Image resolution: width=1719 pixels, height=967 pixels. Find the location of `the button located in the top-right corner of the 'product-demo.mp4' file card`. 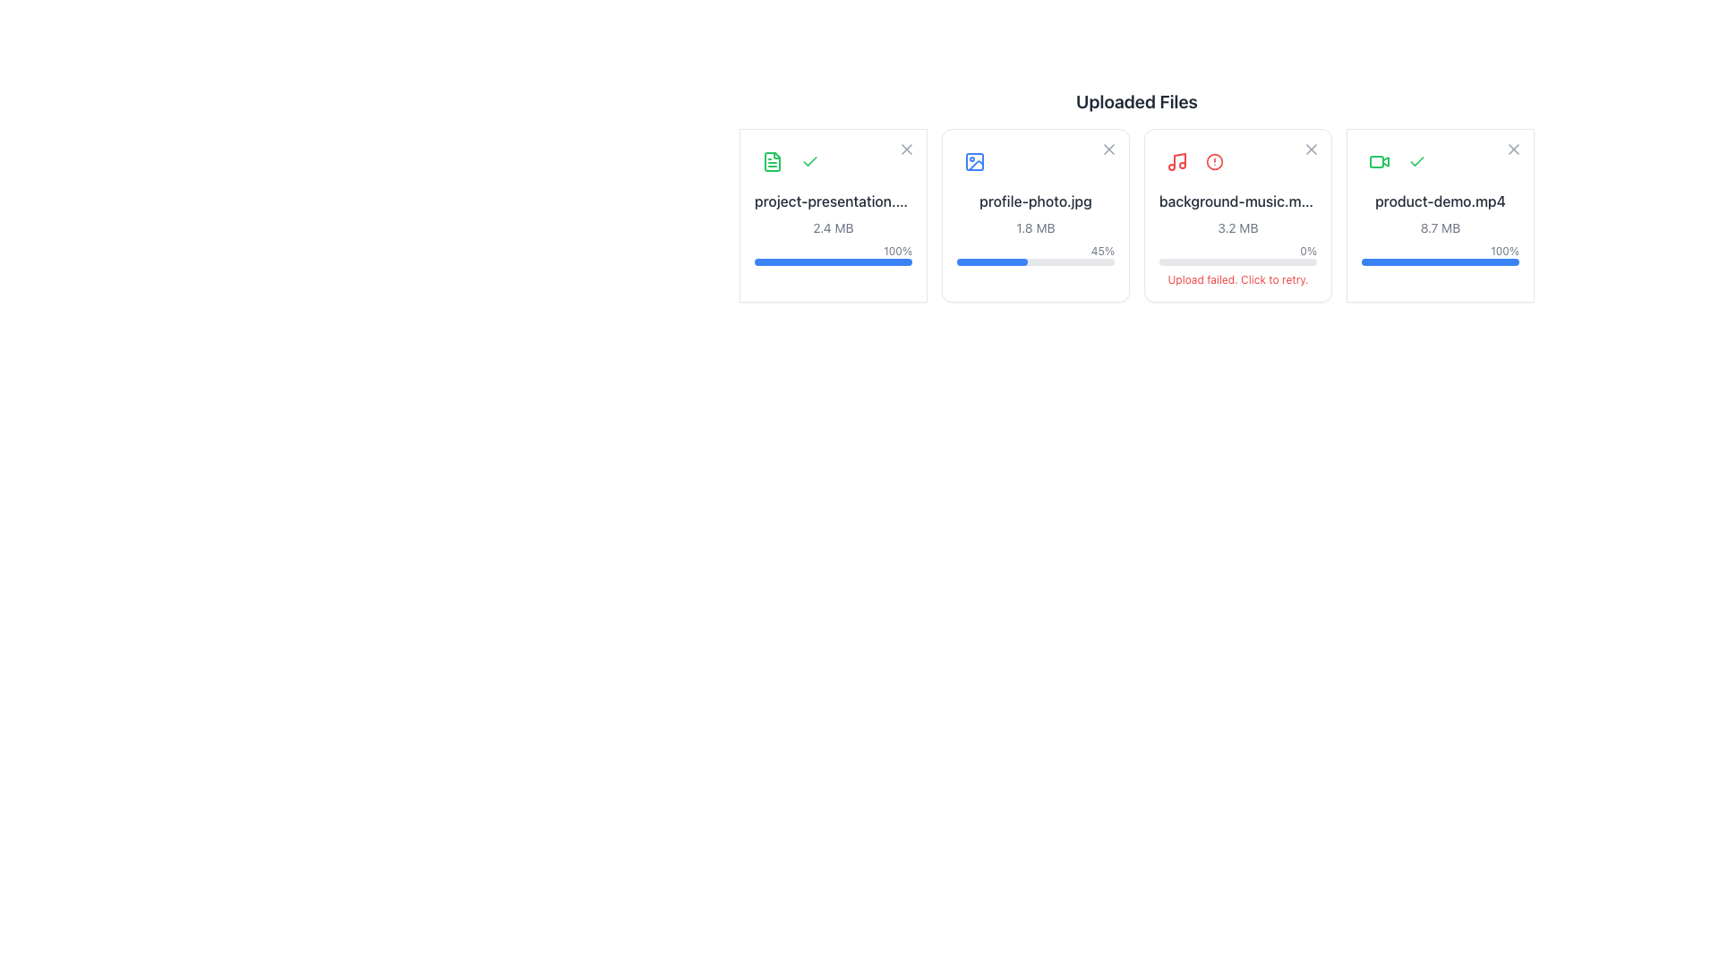

the button located in the top-right corner of the 'product-demo.mp4' file card is located at coordinates (1512, 150).